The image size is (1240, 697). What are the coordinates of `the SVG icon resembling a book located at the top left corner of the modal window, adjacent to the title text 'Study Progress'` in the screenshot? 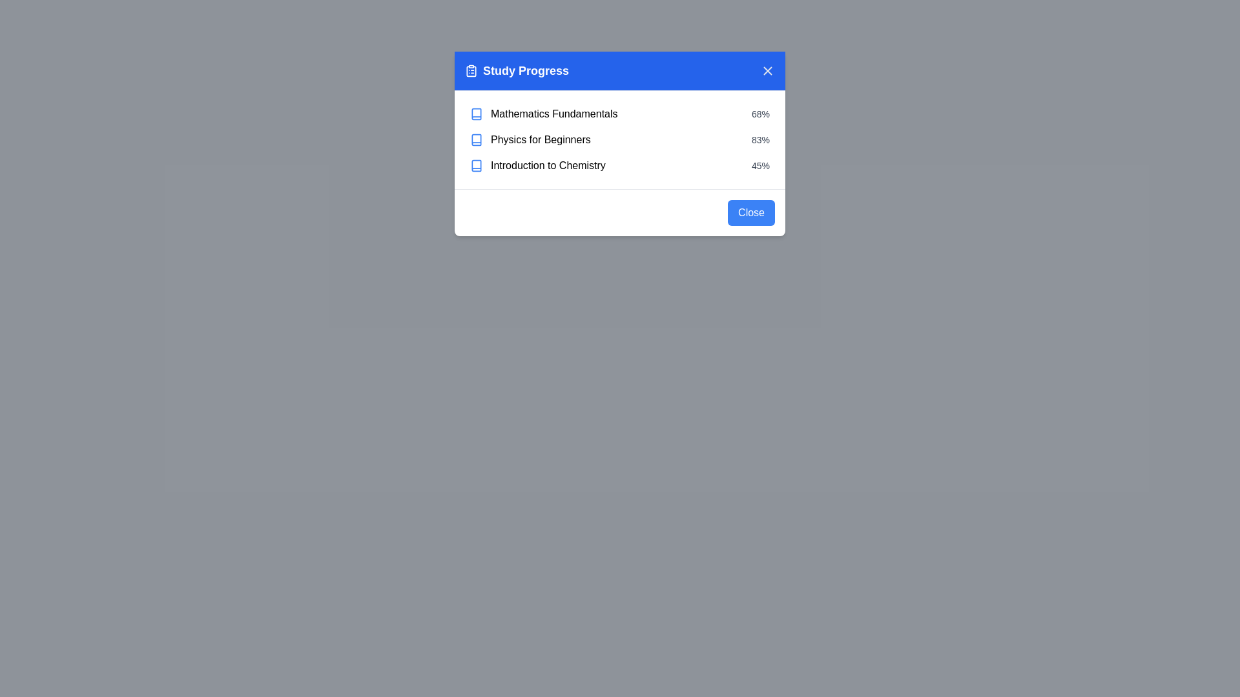 It's located at (476, 139).